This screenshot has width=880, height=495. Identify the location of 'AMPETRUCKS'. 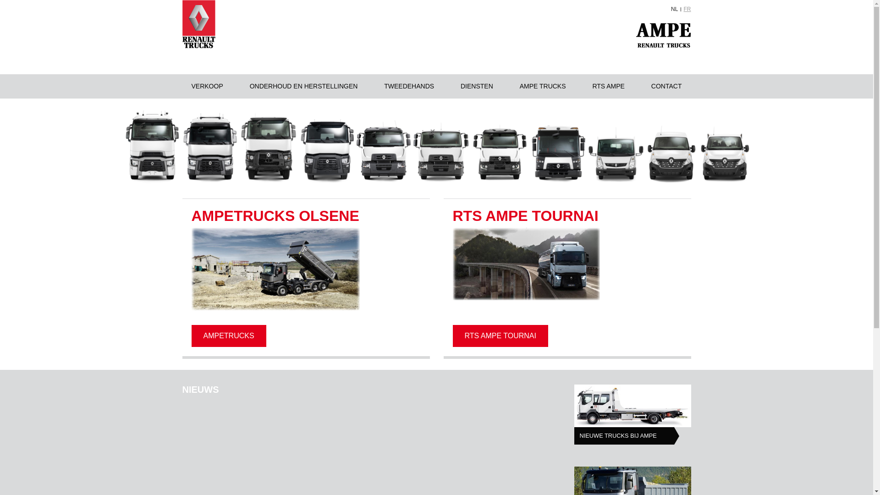
(229, 335).